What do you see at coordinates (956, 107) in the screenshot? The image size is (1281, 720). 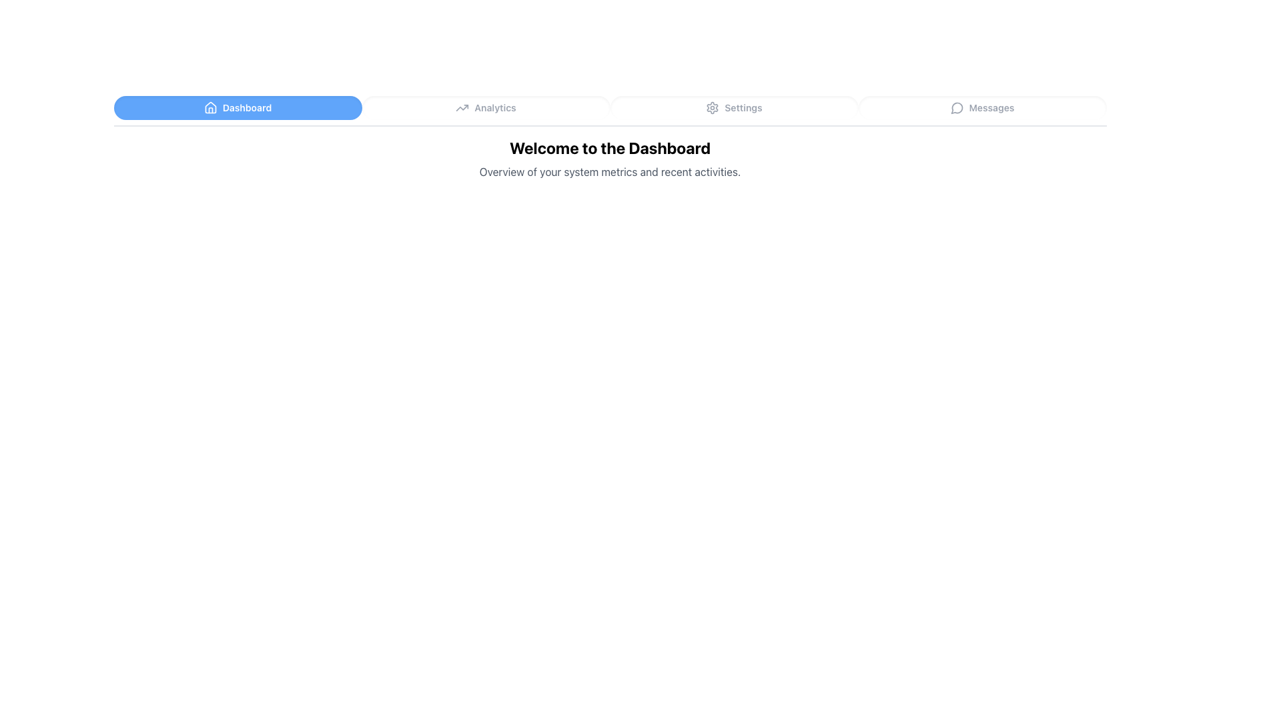 I see `the circular icon resembling a speech message bubble located in the top navigation bar` at bounding box center [956, 107].